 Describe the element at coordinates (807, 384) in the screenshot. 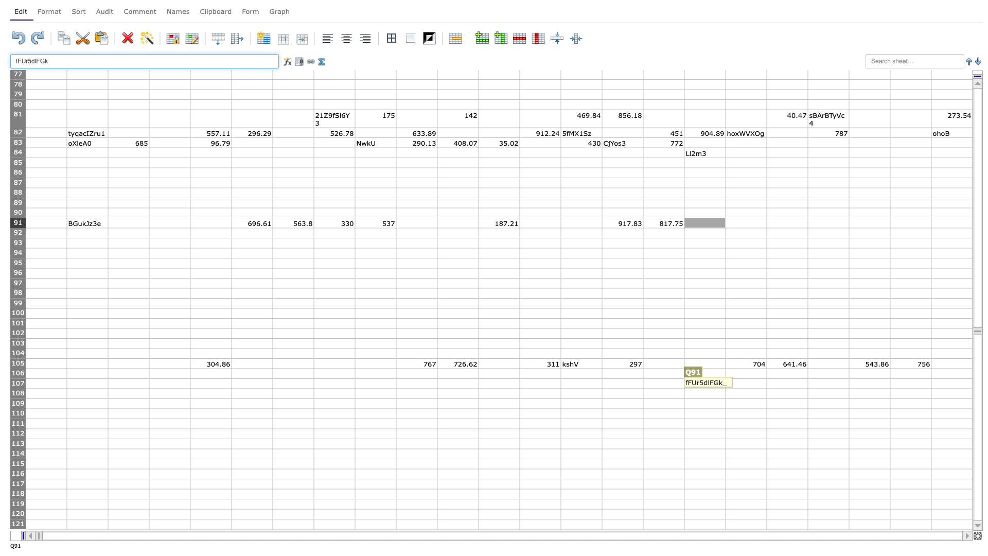

I see `Right border of cell S-107` at that location.